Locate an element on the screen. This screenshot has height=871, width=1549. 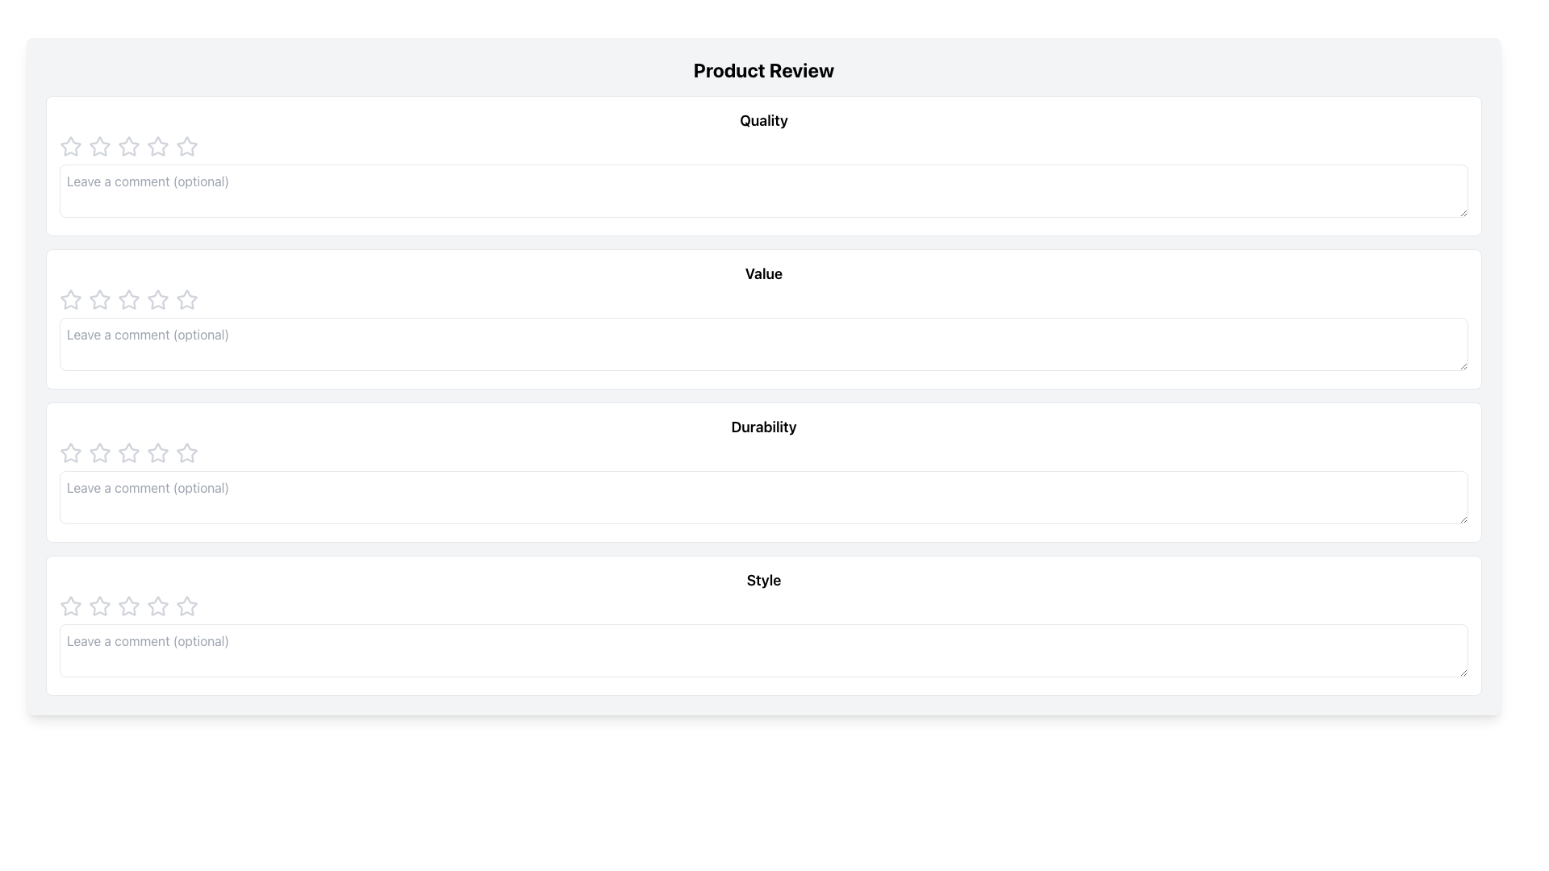
the second star in the rating system for the 'Value' category by moving the cursor to its center point for keyboard selection is located at coordinates (158, 299).